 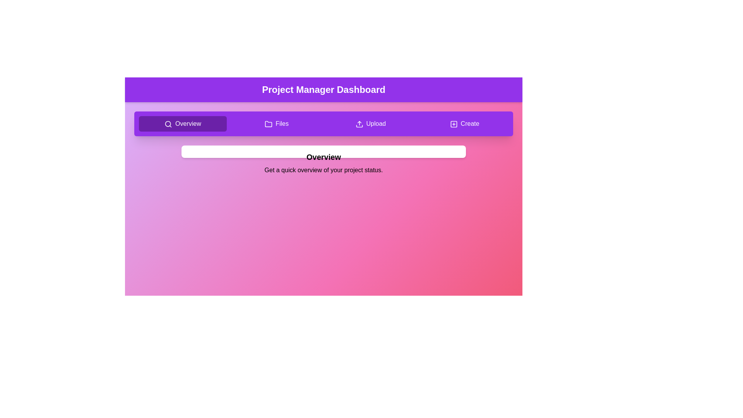 I want to click on the tab button corresponding to Files, so click(x=277, y=123).